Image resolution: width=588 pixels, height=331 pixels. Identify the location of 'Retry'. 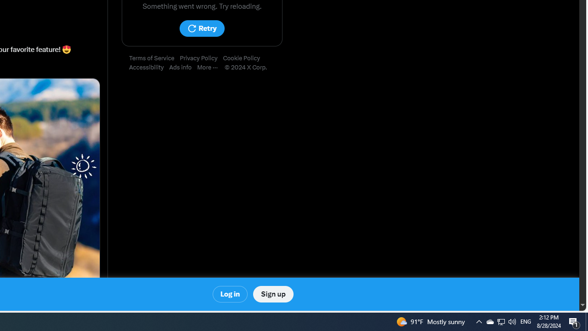
(201, 28).